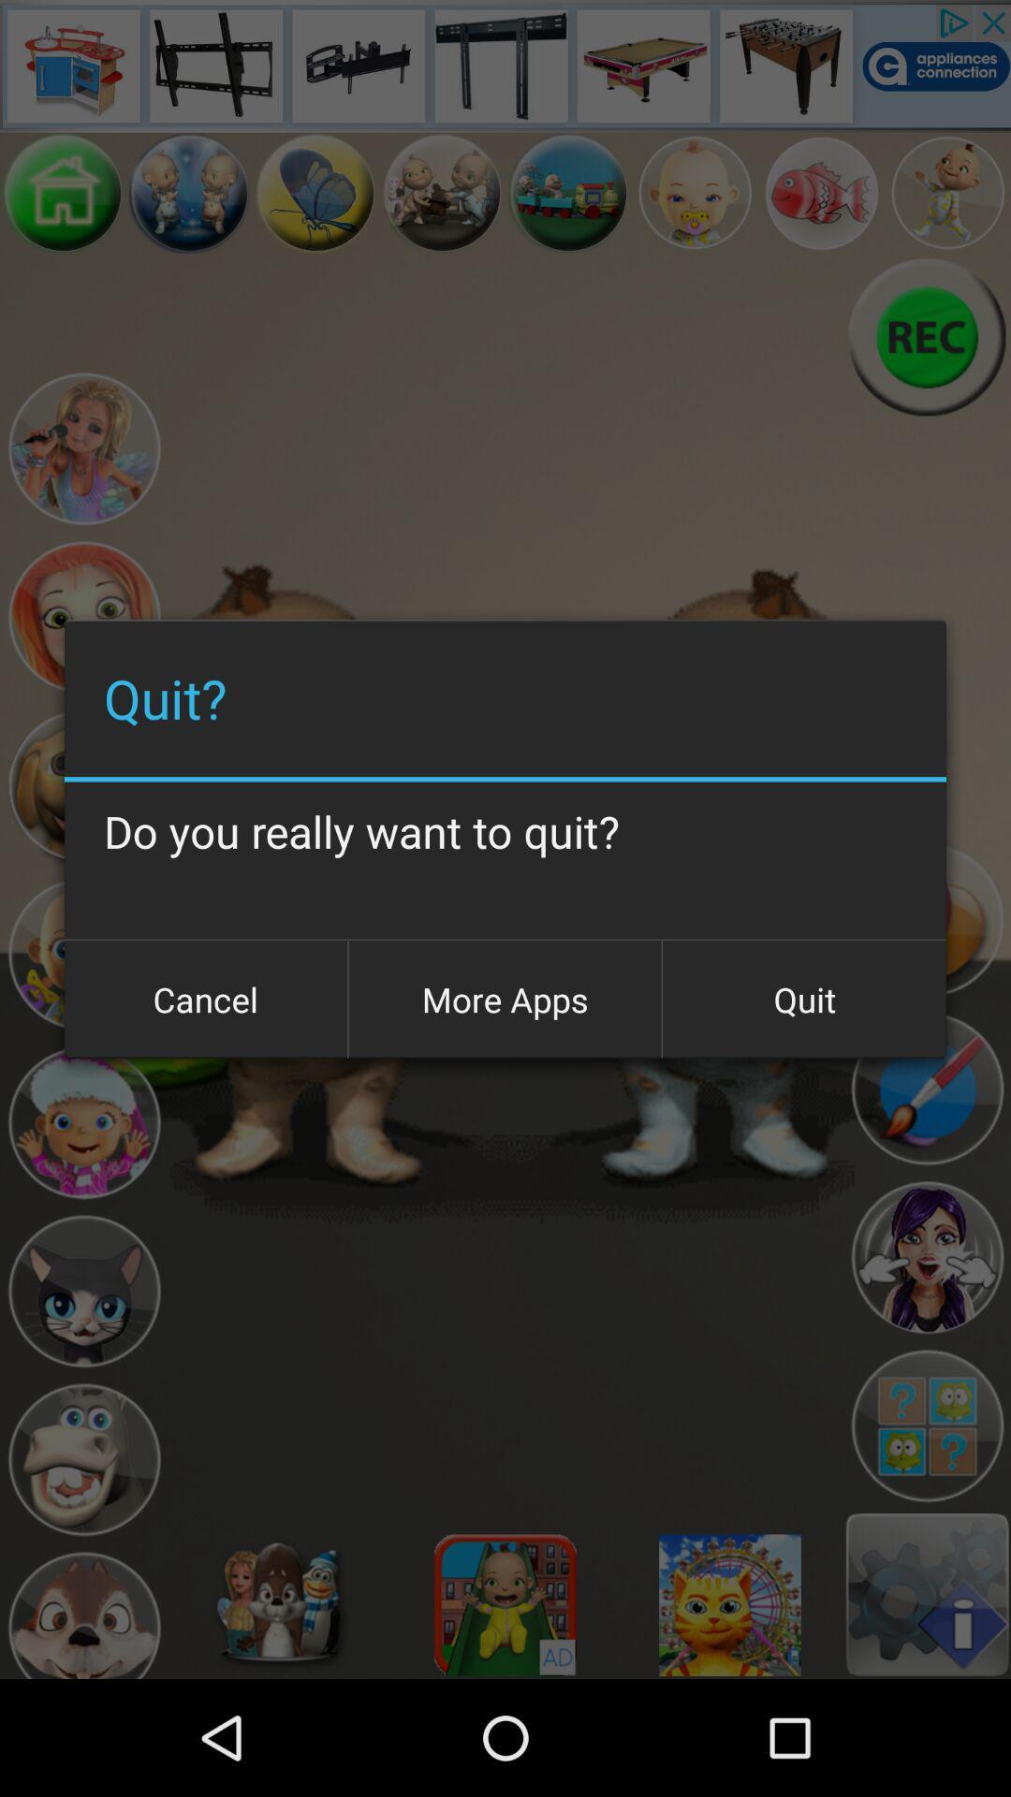 The width and height of the screenshot is (1011, 1797). What do you see at coordinates (505, 1604) in the screenshot?
I see `choose avatar` at bounding box center [505, 1604].